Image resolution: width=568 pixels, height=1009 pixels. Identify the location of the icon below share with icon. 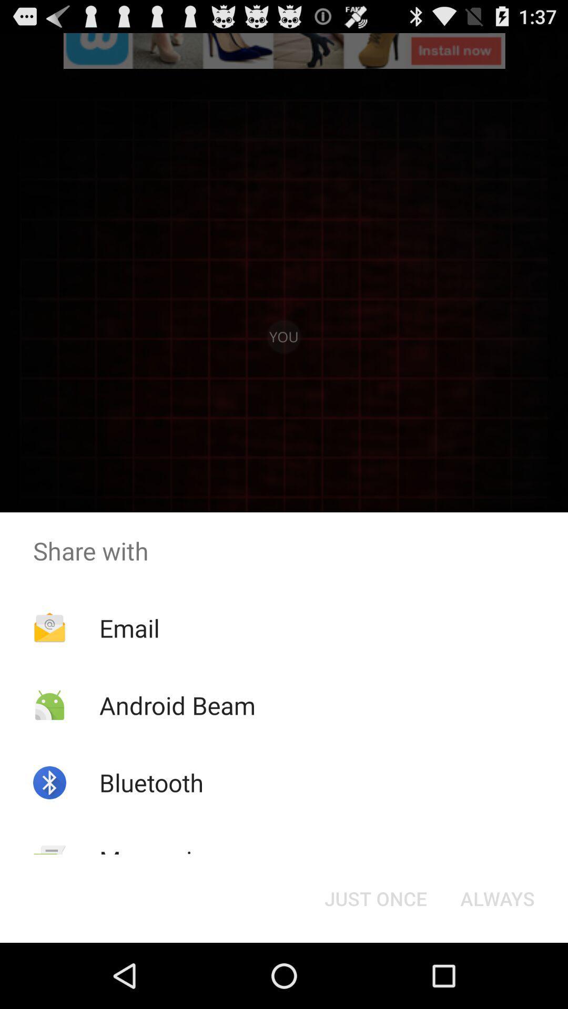
(497, 898).